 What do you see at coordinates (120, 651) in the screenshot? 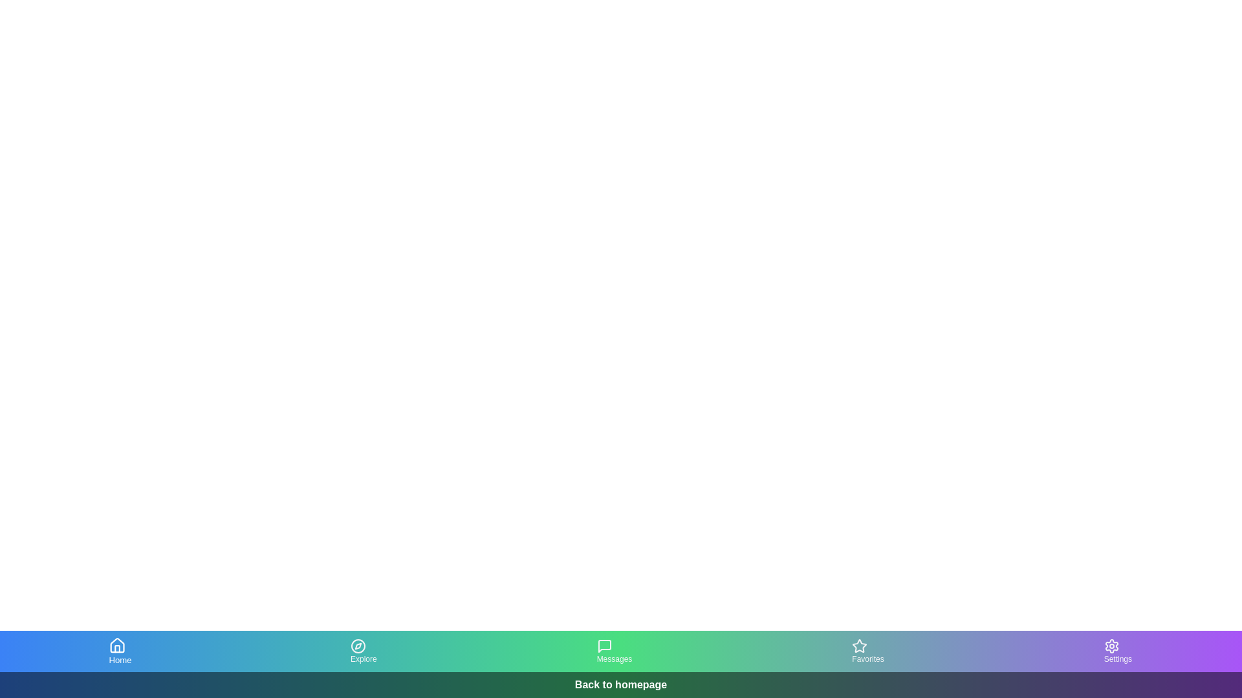
I see `the Home tab in the bottom navigation bar` at bounding box center [120, 651].